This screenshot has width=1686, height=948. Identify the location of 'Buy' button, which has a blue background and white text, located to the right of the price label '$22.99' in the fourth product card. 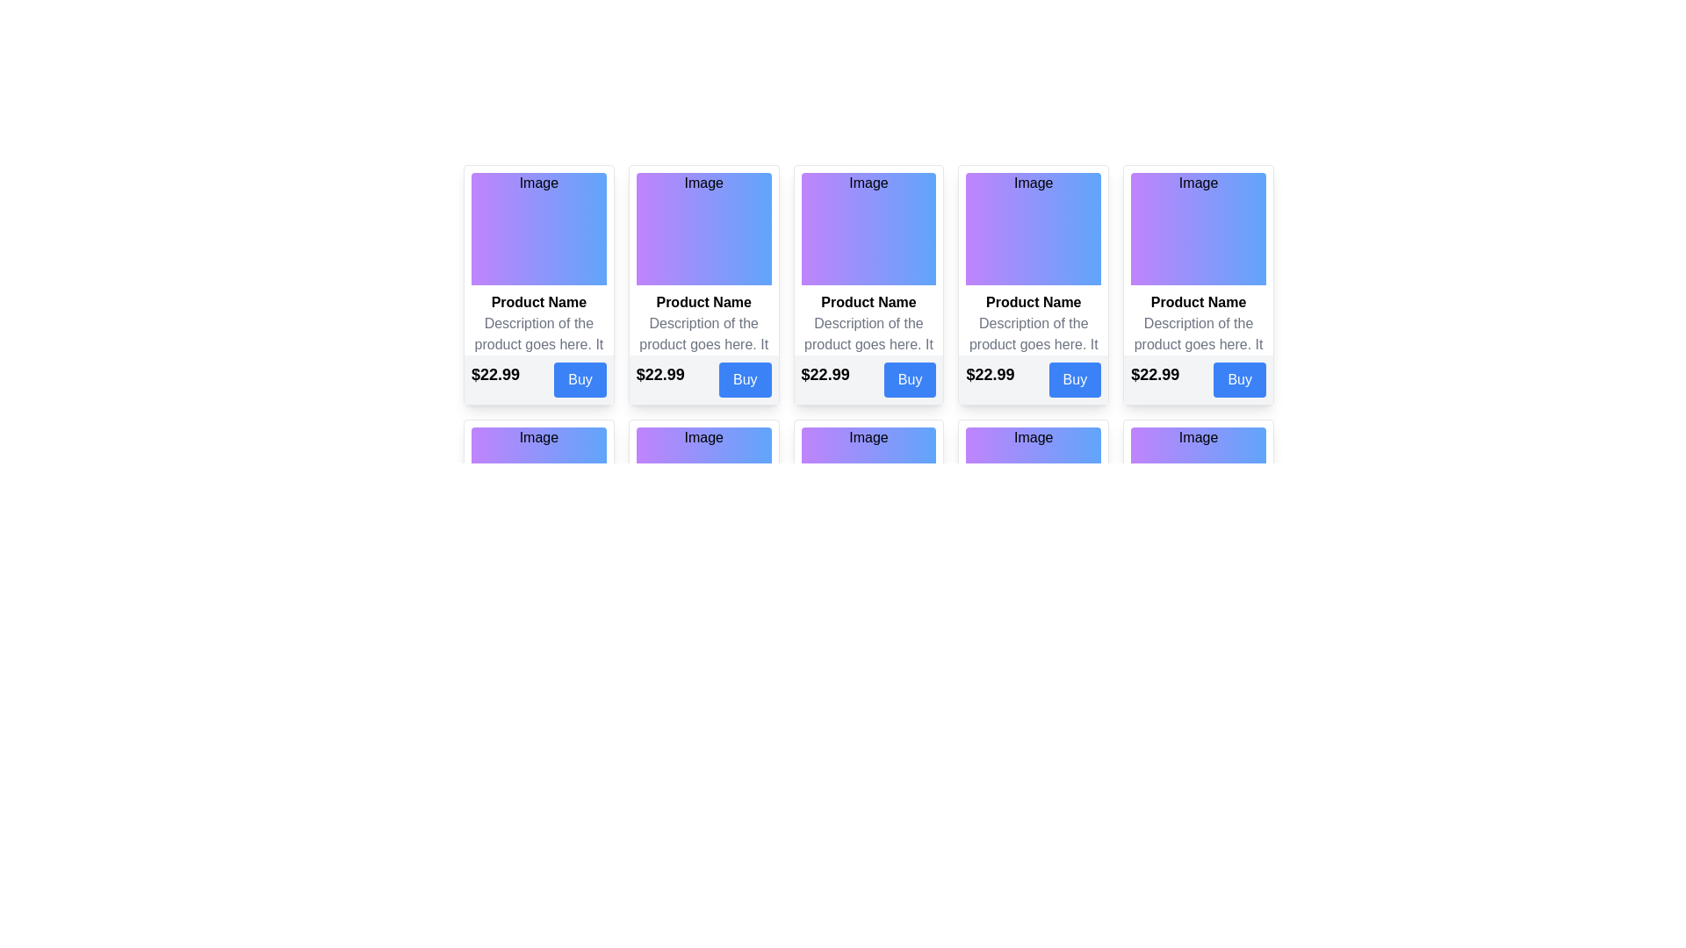
(910, 378).